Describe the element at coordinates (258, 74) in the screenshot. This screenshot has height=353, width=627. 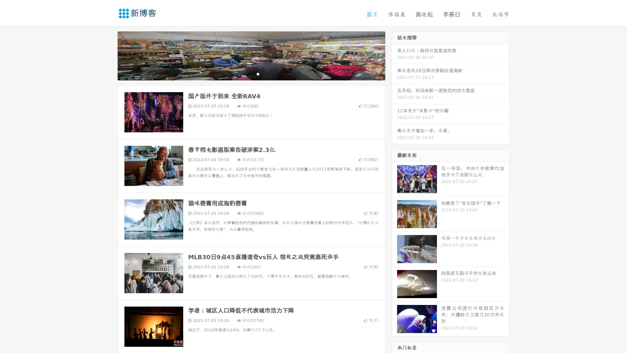
I see `Go to slide 3` at that location.